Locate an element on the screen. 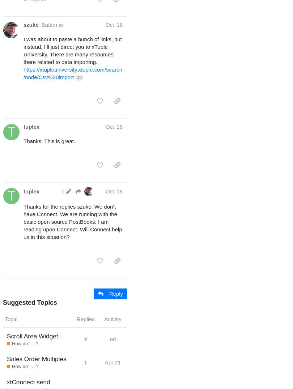 Image resolution: width=293 pixels, height=389 pixels. 'I was about to paste a bunch of links, but instead, I’ll just direct you to xTuple University. There are many resources there related to data importing.' is located at coordinates (72, 50).